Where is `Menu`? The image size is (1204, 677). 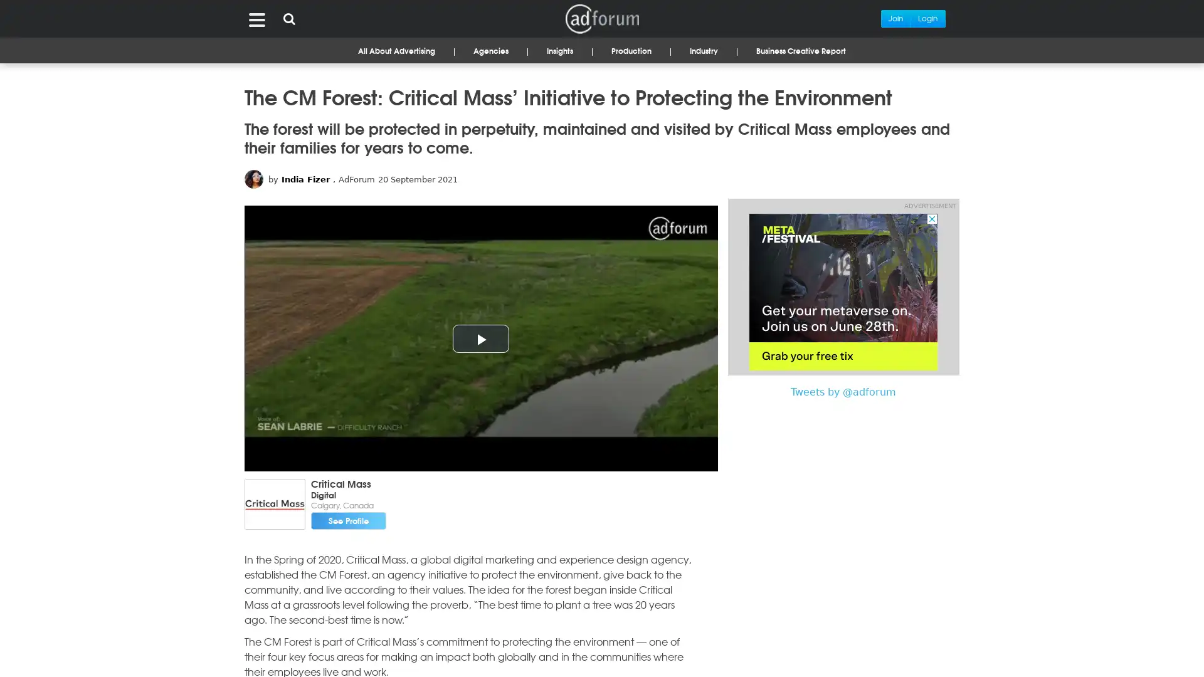
Menu is located at coordinates (256, 18).